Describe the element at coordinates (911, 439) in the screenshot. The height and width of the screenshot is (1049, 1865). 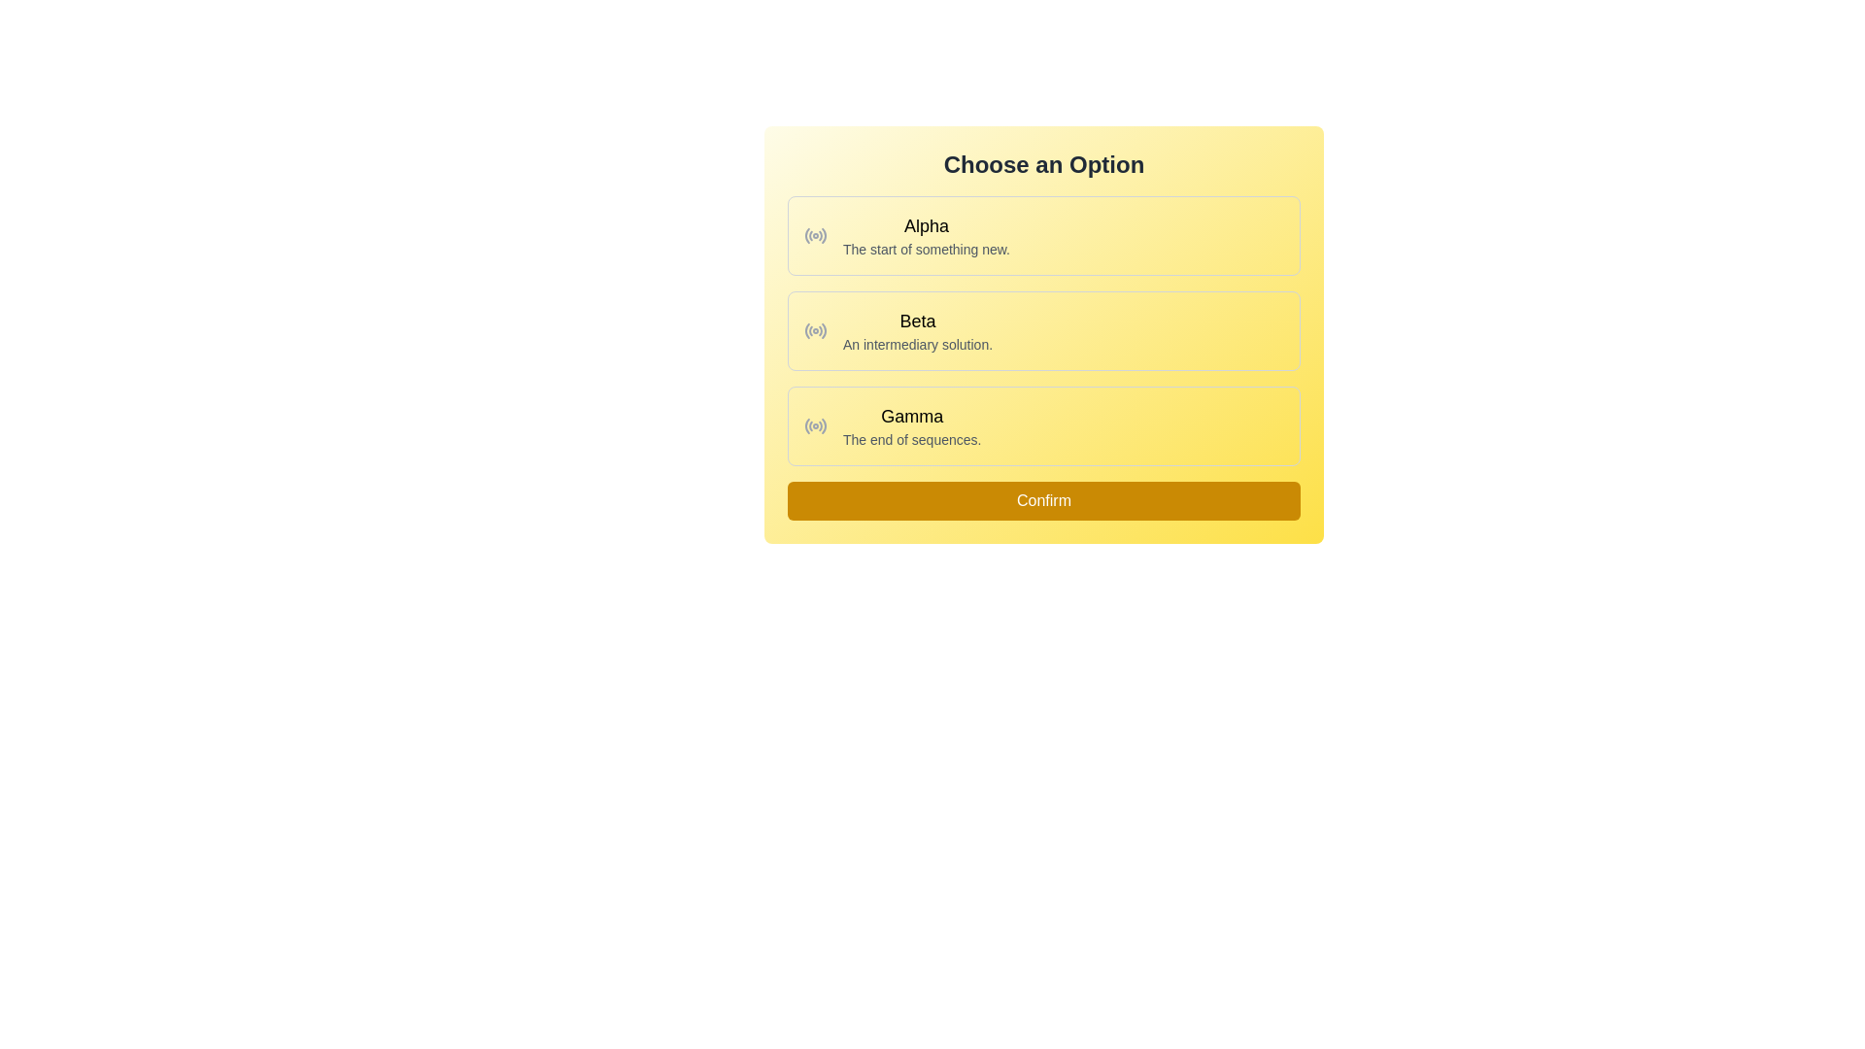
I see `the text fragment reading 'The end of sequences.' which is the descriptive subtitle for the 'Gamma' option, located underneath the label 'Gamma'` at that location.